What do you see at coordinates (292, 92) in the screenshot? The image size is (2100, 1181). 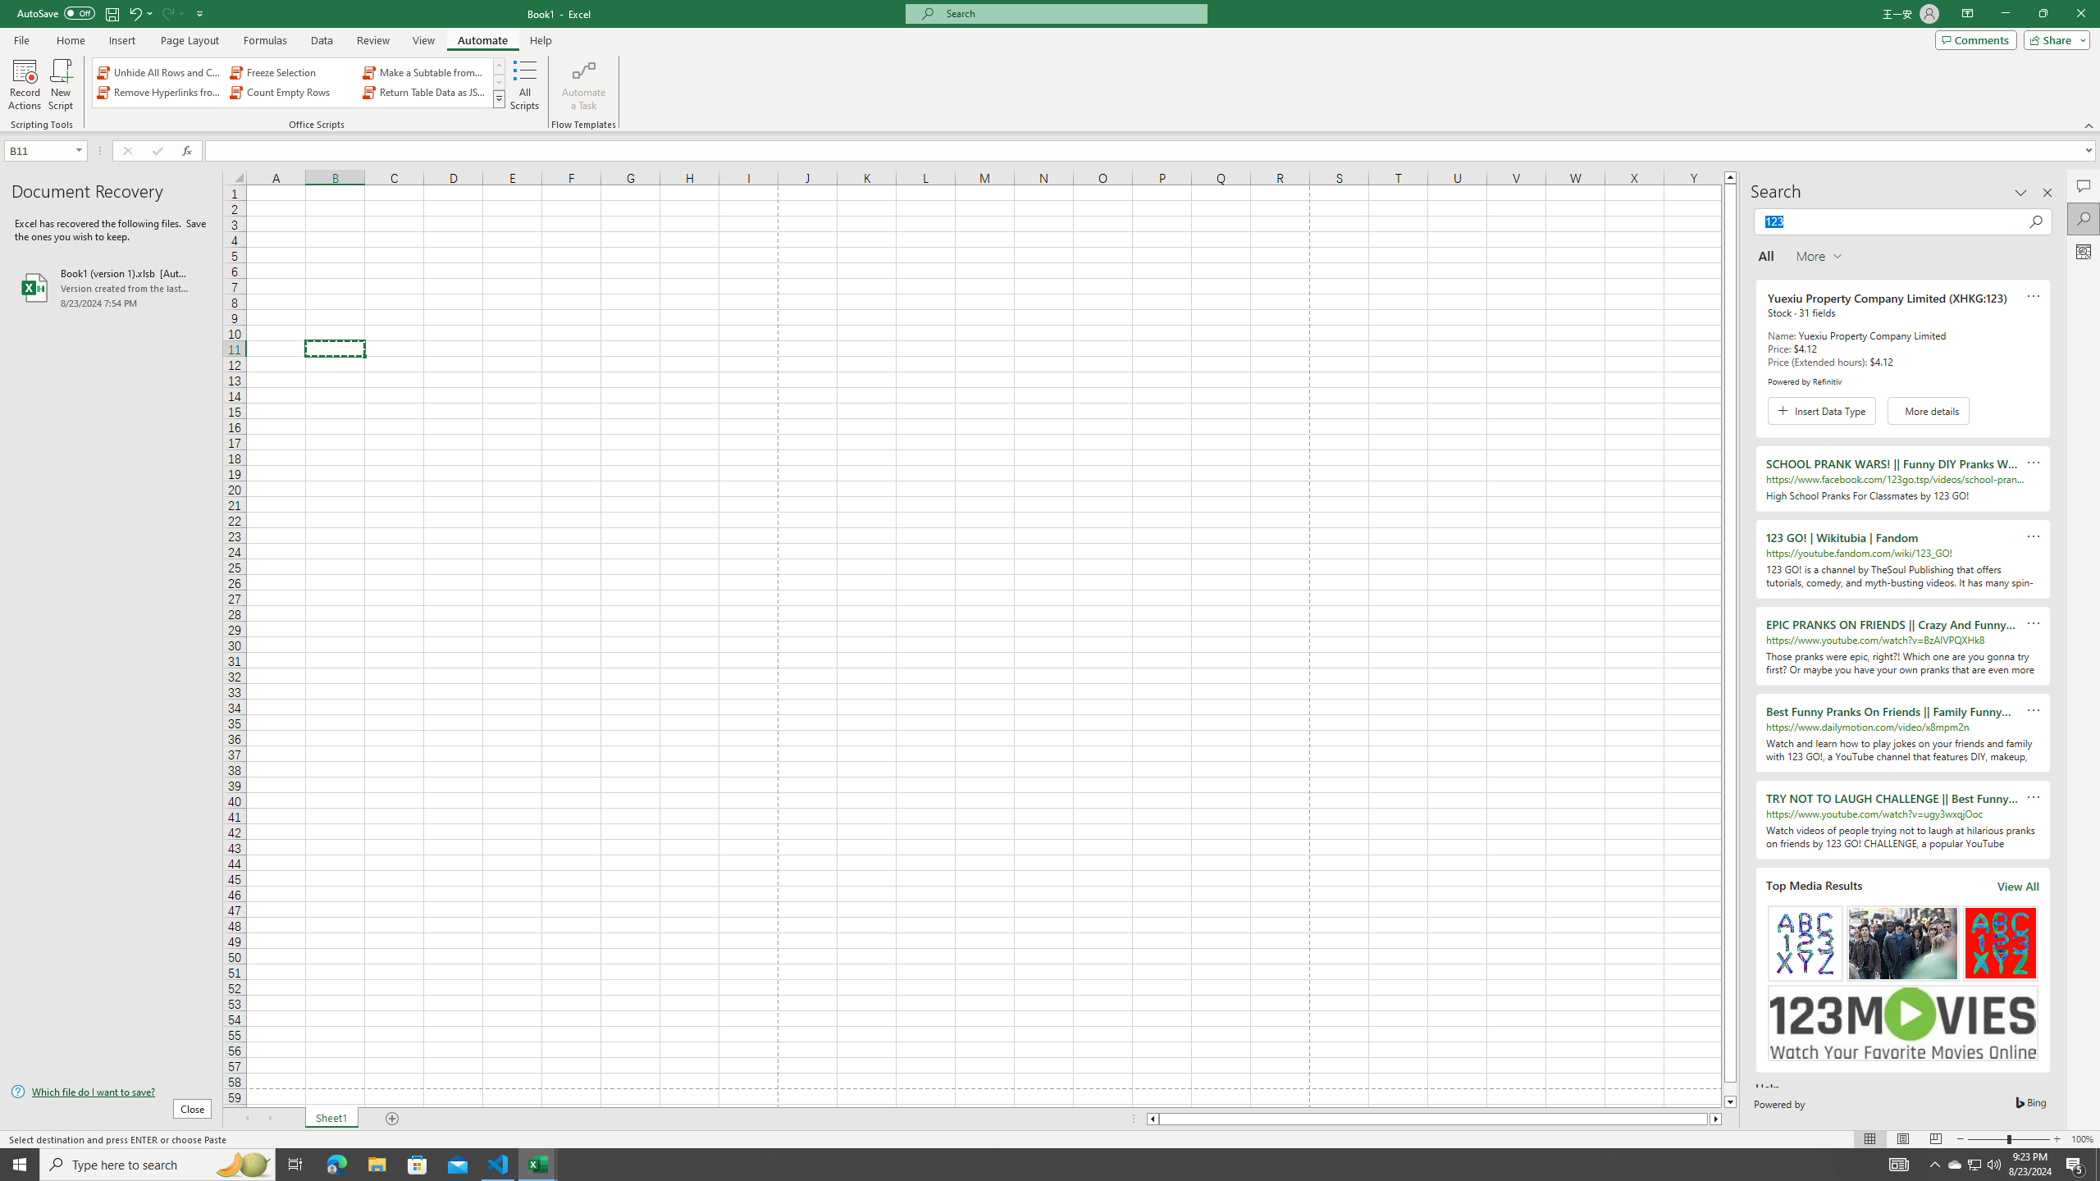 I see `'Count Empty Rows'` at bounding box center [292, 92].